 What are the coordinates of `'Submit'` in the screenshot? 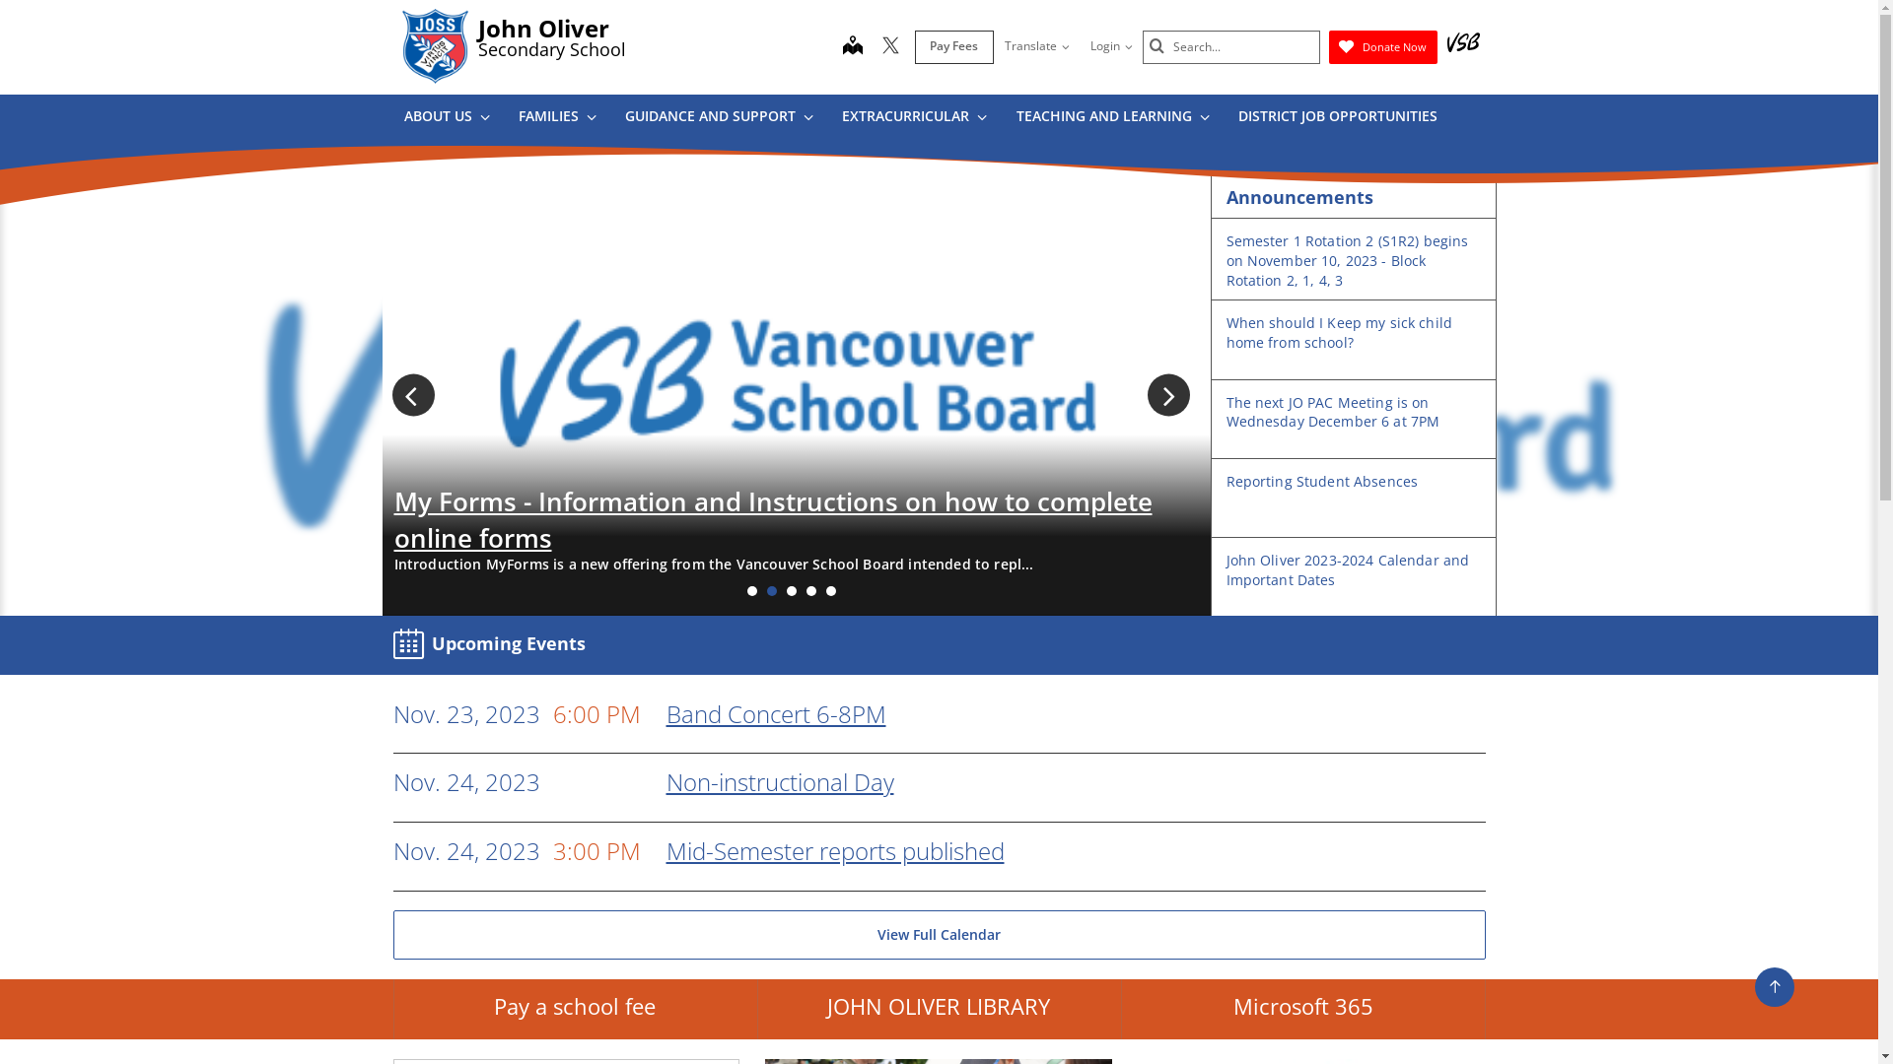 It's located at (1150, 45).